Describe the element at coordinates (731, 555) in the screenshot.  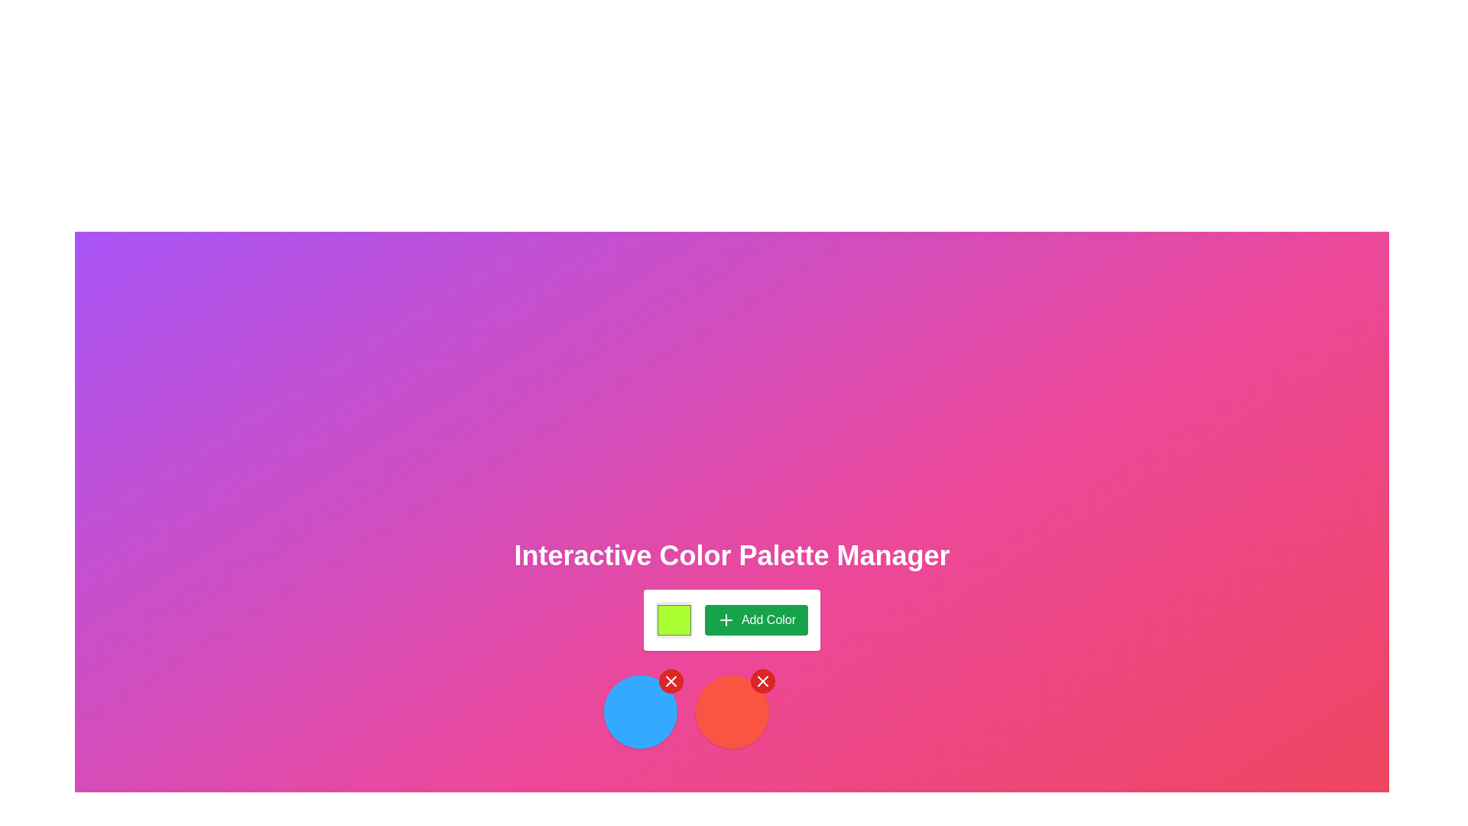
I see `the main title or heading element that provides a clear understanding of the page's purpose, located above the 'Add Color' button` at that location.